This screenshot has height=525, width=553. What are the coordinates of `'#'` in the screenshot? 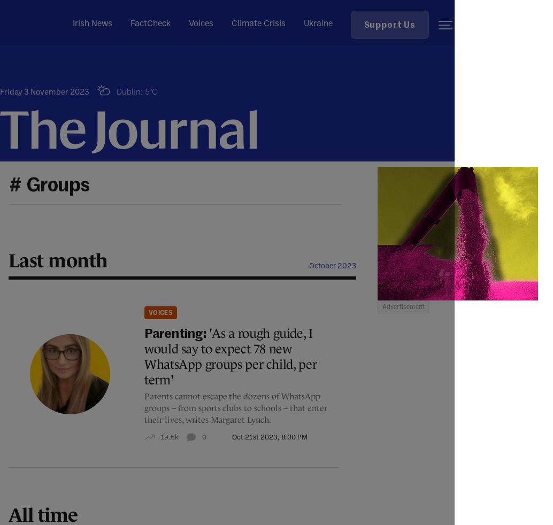 It's located at (15, 186).